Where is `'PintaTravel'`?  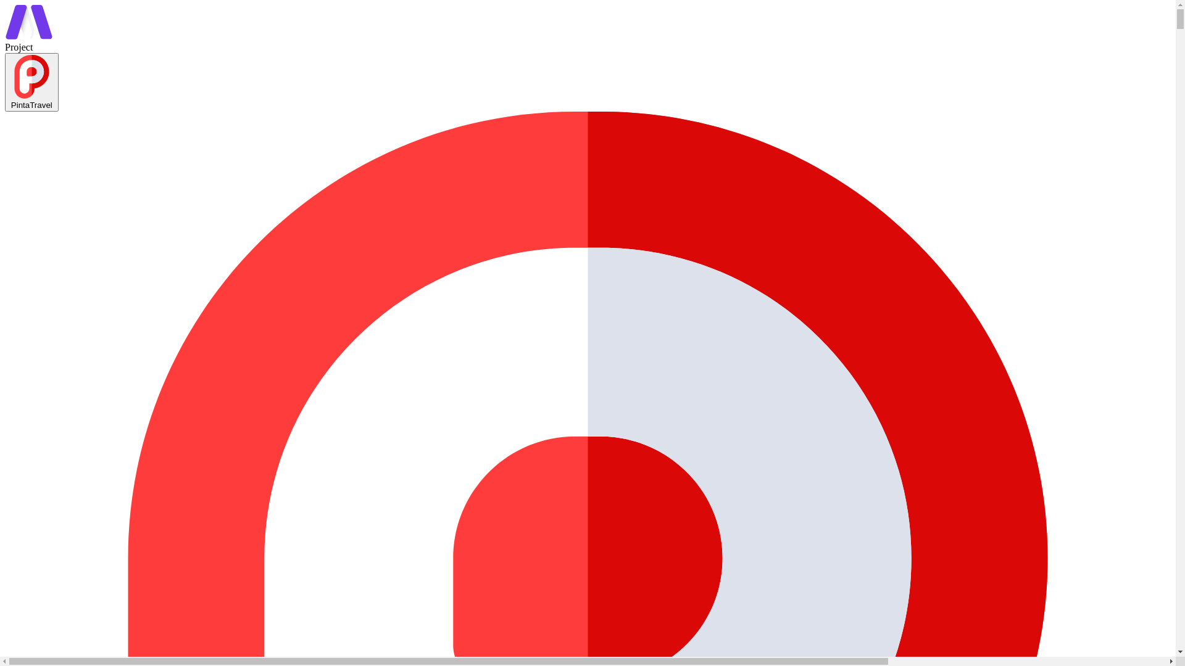
'PintaTravel' is located at coordinates (5, 82).